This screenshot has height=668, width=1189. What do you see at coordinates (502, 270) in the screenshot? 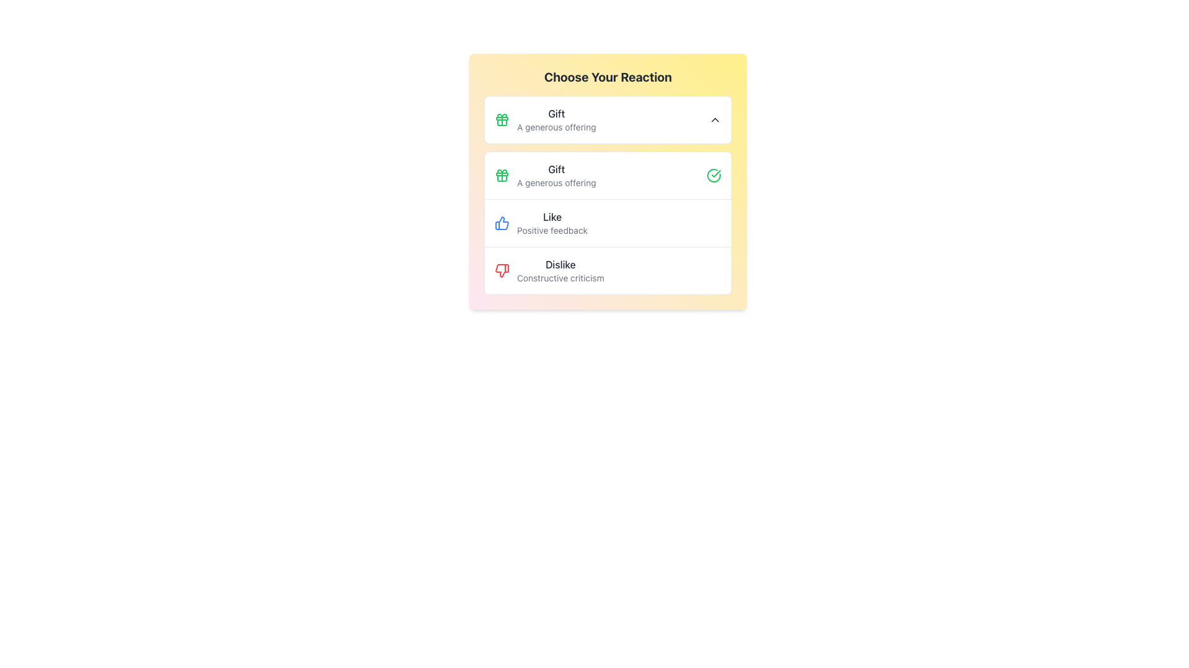
I see `the 'dislike' icon located in the fourth section under 'Choose Your Reaction', positioned to the left of the text 'Dislike Constructive criticism'` at bounding box center [502, 270].